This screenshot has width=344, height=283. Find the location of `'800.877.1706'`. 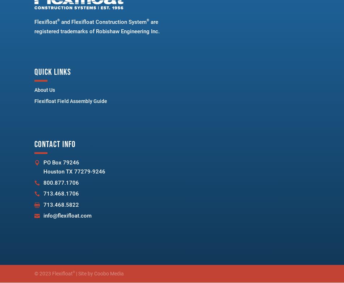

'800.877.1706' is located at coordinates (61, 182).